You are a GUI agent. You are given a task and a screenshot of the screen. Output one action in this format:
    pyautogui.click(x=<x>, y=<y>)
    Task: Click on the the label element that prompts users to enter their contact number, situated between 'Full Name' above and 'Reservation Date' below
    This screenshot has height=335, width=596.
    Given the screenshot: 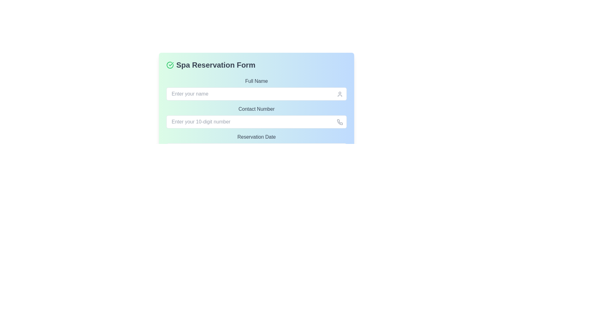 What is the action you would take?
    pyautogui.click(x=256, y=117)
    